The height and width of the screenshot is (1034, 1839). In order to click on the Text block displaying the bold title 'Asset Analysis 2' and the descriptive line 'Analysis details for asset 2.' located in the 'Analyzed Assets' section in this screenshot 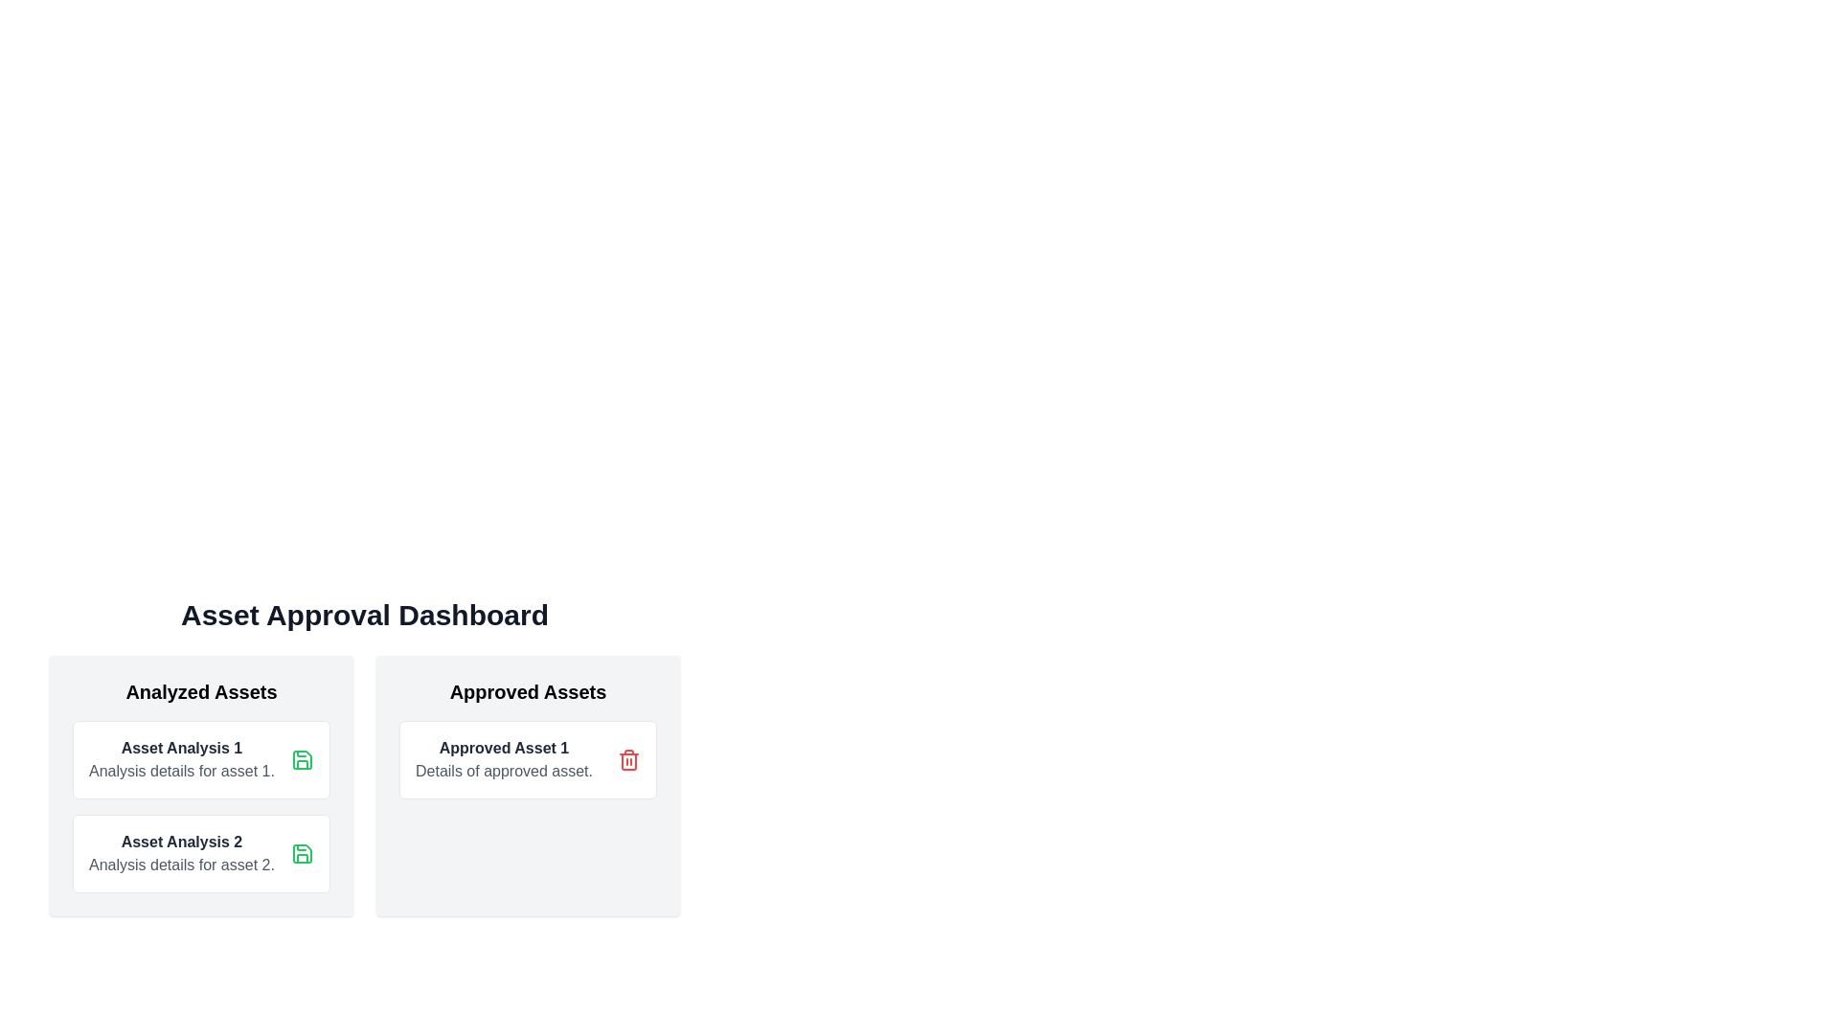, I will do `click(181, 852)`.